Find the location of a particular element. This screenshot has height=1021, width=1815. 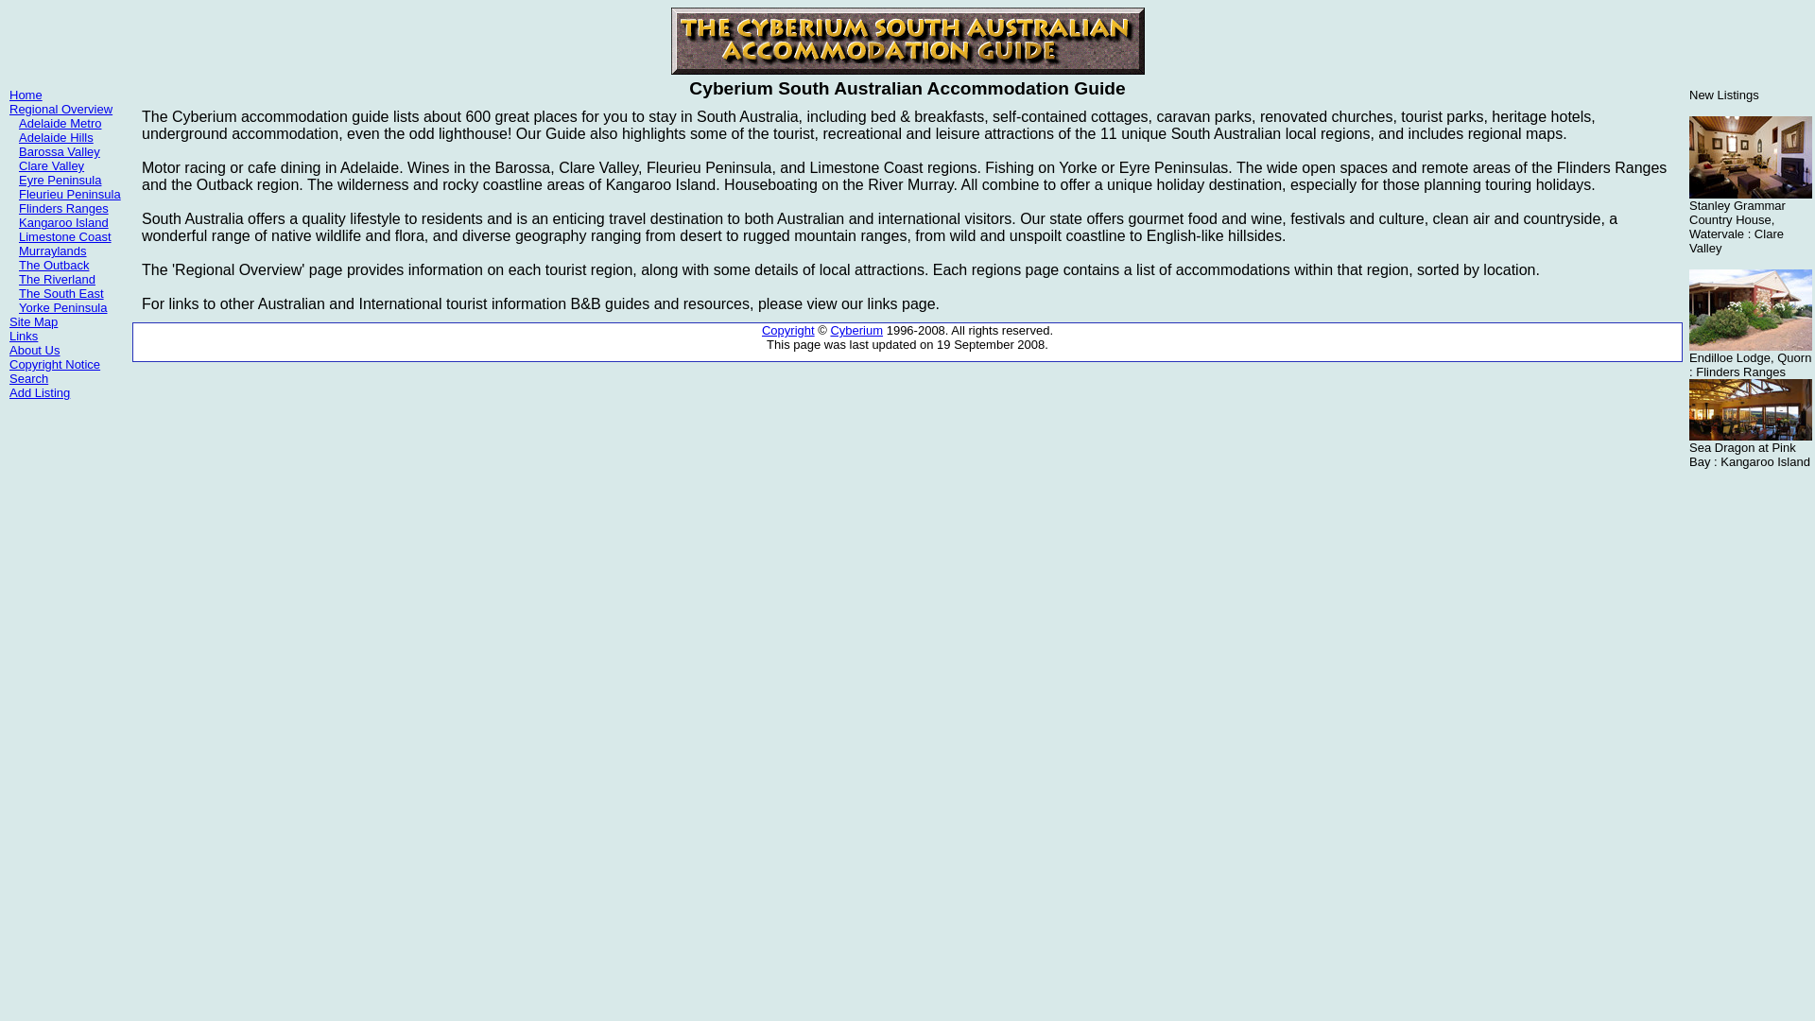

'Adelaide Metro' is located at coordinates (18, 123).